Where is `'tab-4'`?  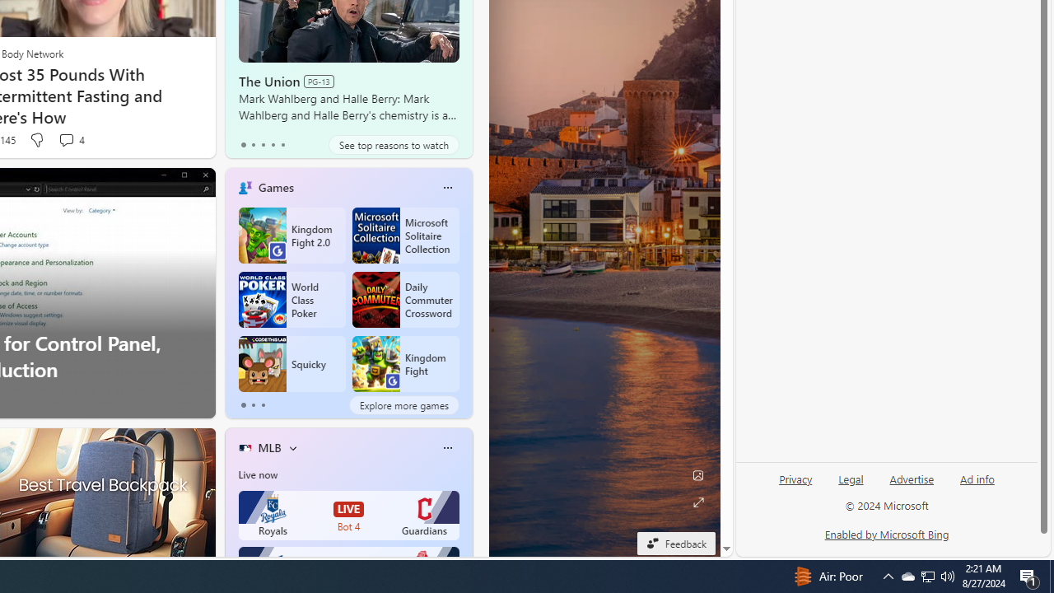
'tab-4' is located at coordinates (282, 144).